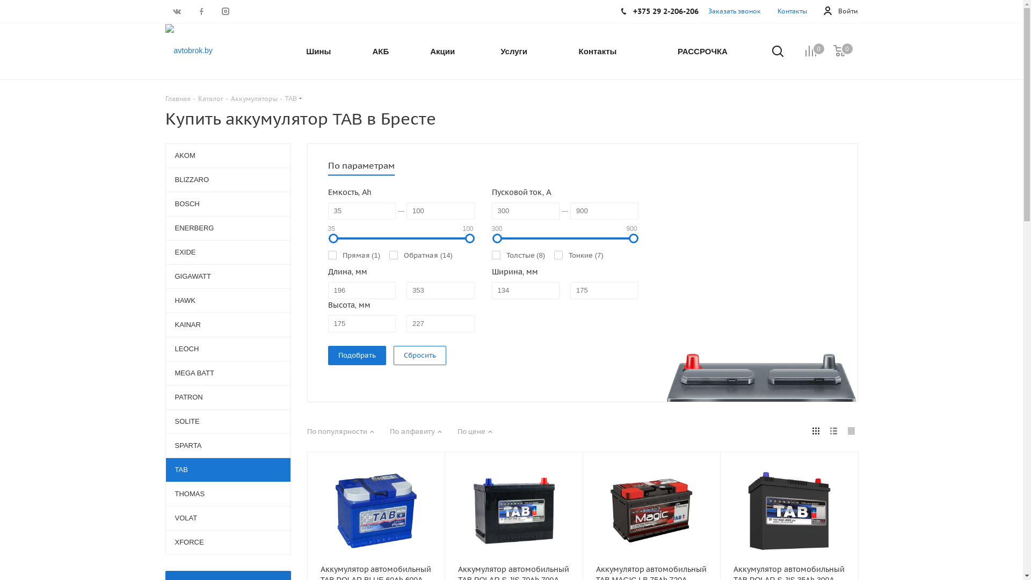 The width and height of the screenshot is (1031, 580). Describe the element at coordinates (228, 252) in the screenshot. I see `'EXIDE'` at that location.